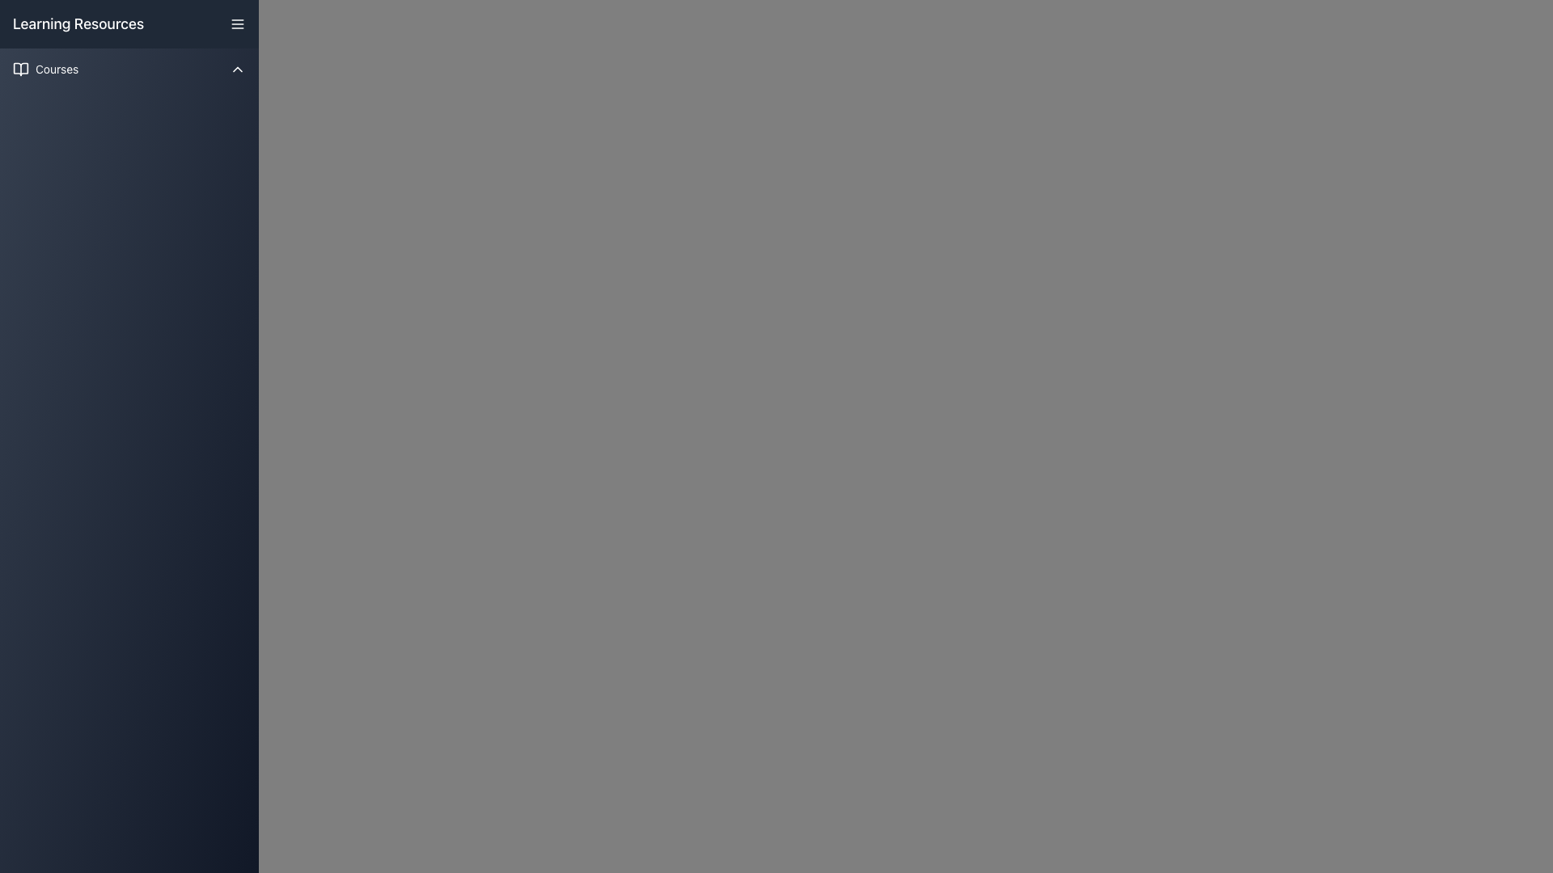  What do you see at coordinates (57, 68) in the screenshot?
I see `the 'Courses' static text label, which identifies the 'Courses' section in the left sidebar under 'Learning Resources'` at bounding box center [57, 68].